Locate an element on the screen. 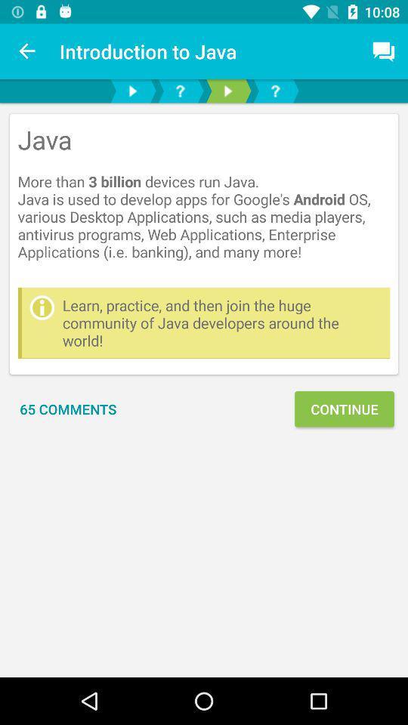  item above continue icon is located at coordinates (221, 322).